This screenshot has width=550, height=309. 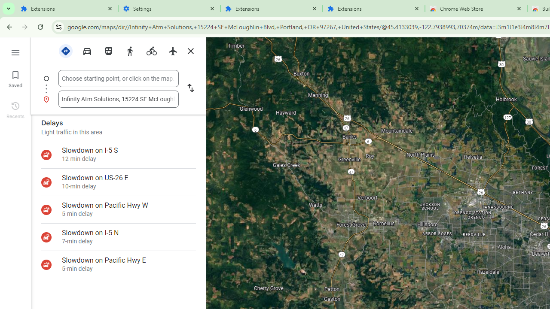 What do you see at coordinates (67, 9) in the screenshot?
I see `'Extensions'` at bounding box center [67, 9].